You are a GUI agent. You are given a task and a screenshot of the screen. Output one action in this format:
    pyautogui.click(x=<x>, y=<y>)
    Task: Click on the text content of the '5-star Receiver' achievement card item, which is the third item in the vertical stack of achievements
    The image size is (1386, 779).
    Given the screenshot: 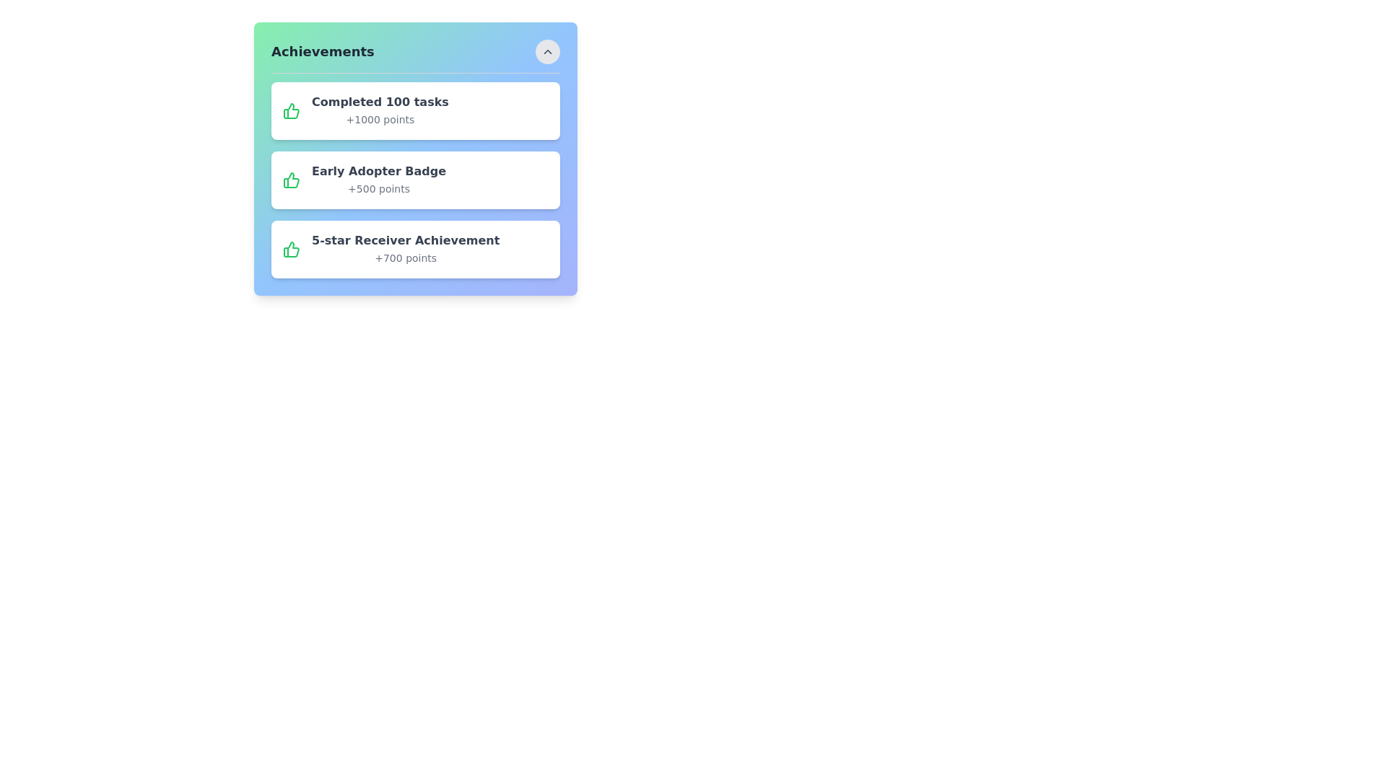 What is the action you would take?
    pyautogui.click(x=405, y=249)
    